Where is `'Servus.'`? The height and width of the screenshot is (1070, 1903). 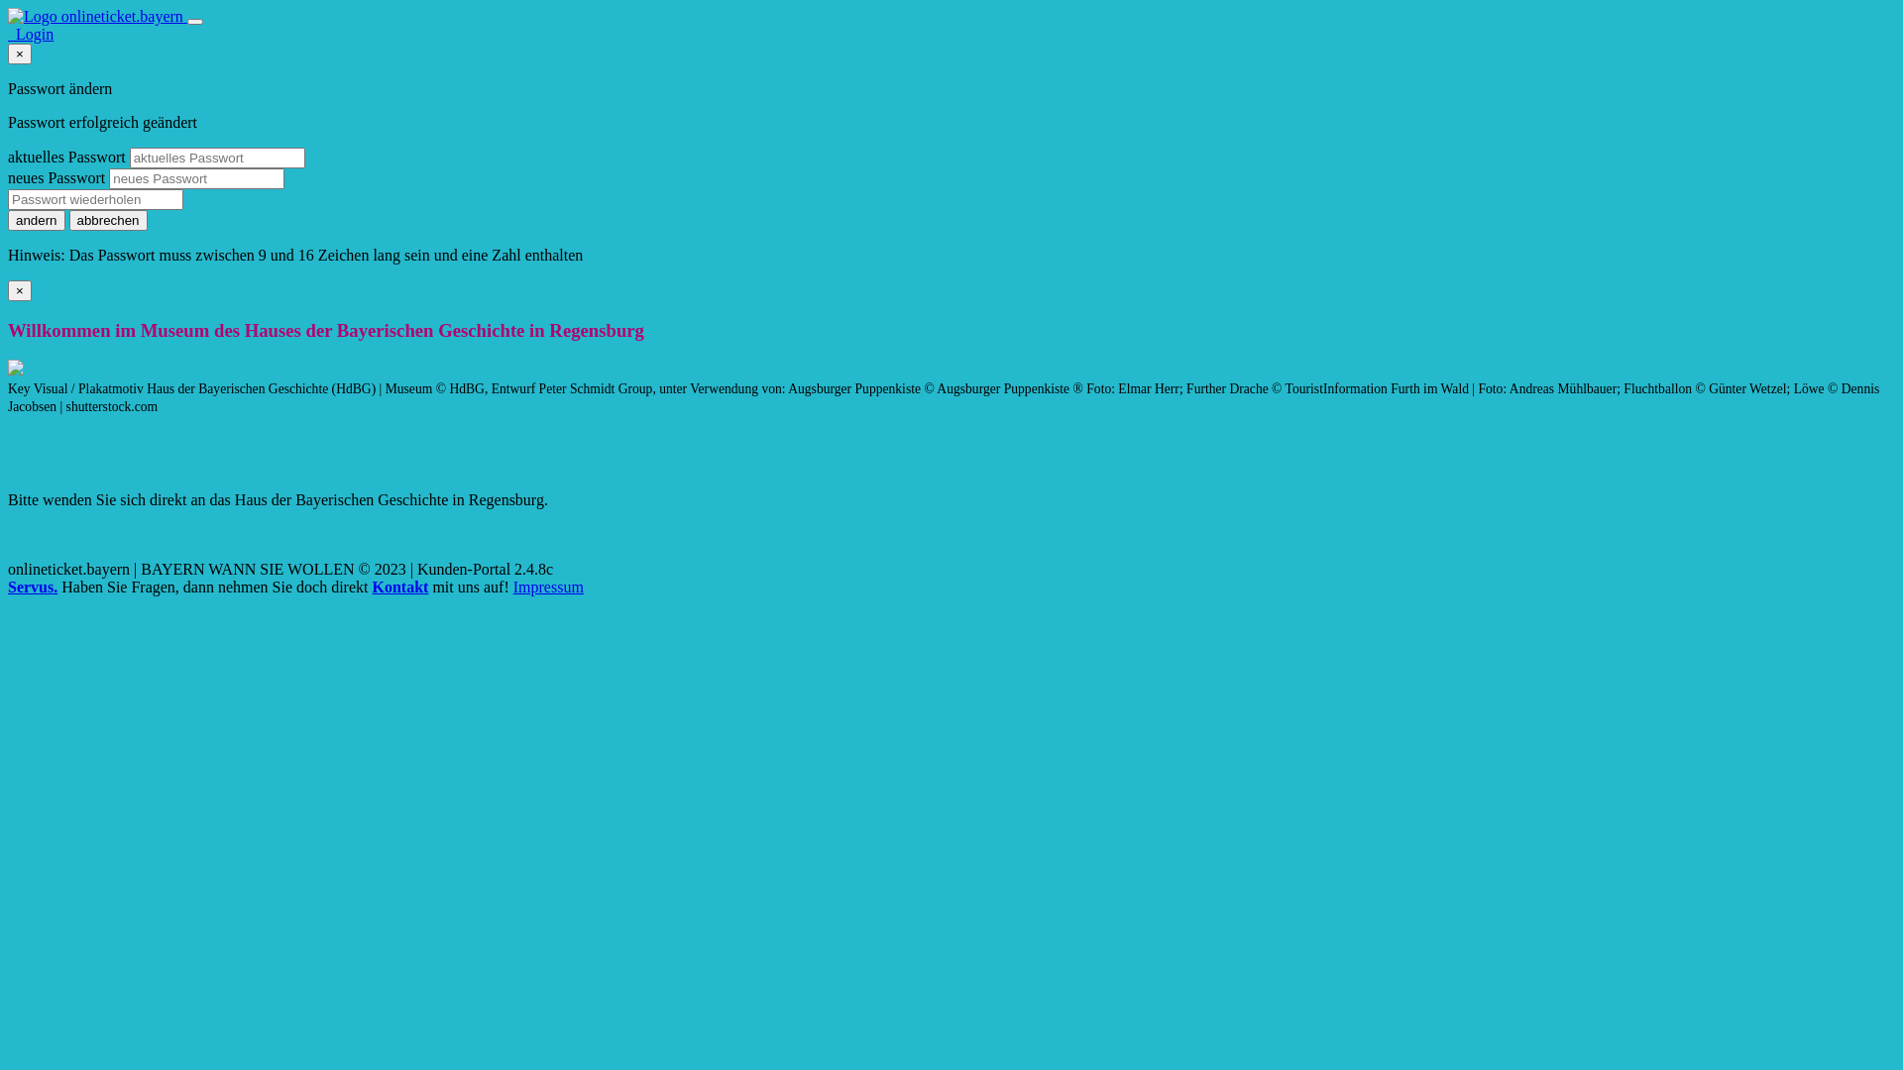
'Servus.' is located at coordinates (33, 586).